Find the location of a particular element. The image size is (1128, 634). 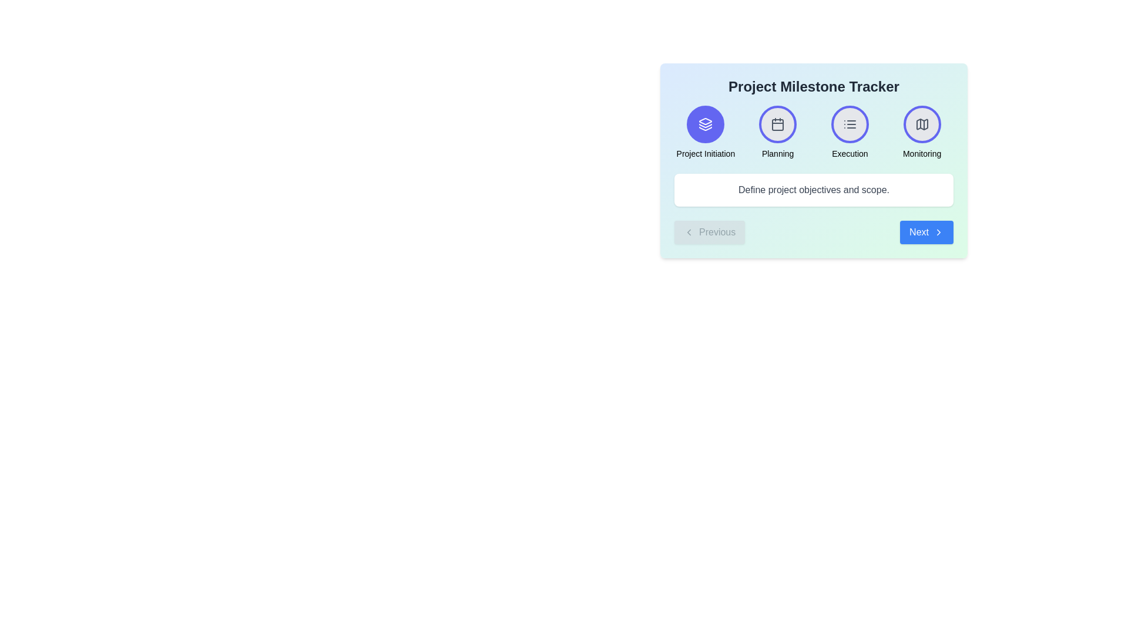

the static text element that provides descriptive information about the current step in the project management tool interface, located below the title 'Project Milestone Tracker' is located at coordinates (813, 190).